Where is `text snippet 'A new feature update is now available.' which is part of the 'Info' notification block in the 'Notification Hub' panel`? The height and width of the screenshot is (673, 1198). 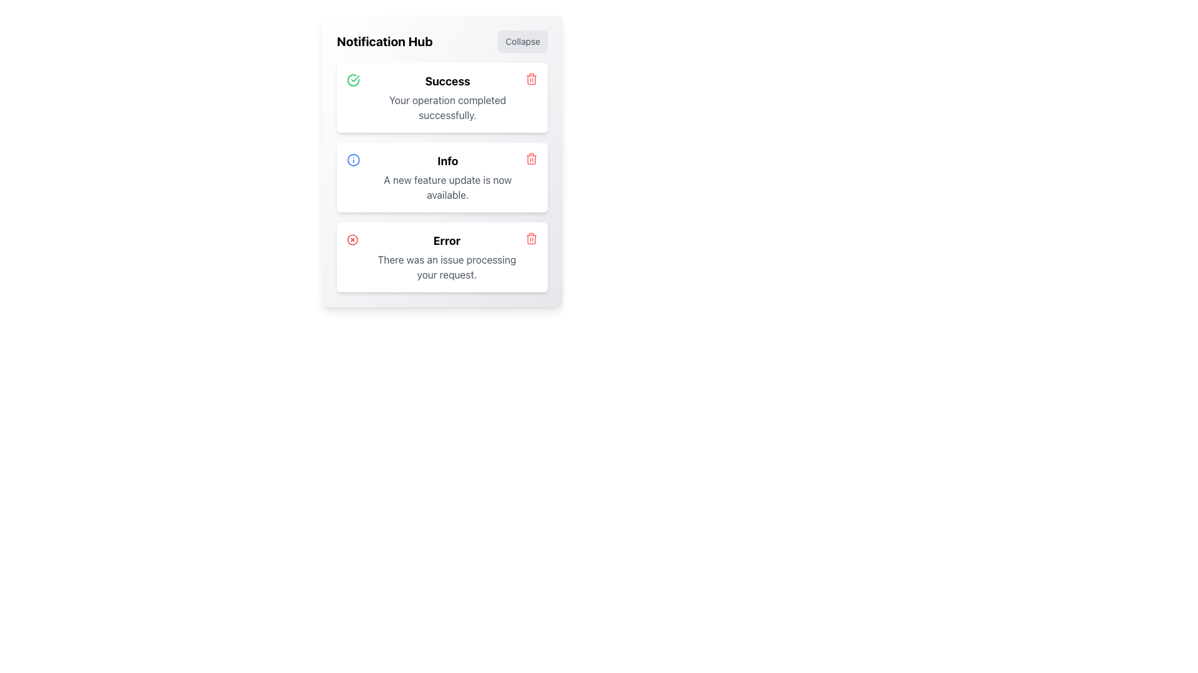 text snippet 'A new feature update is now available.' which is part of the 'Info' notification block in the 'Notification Hub' panel is located at coordinates (447, 187).